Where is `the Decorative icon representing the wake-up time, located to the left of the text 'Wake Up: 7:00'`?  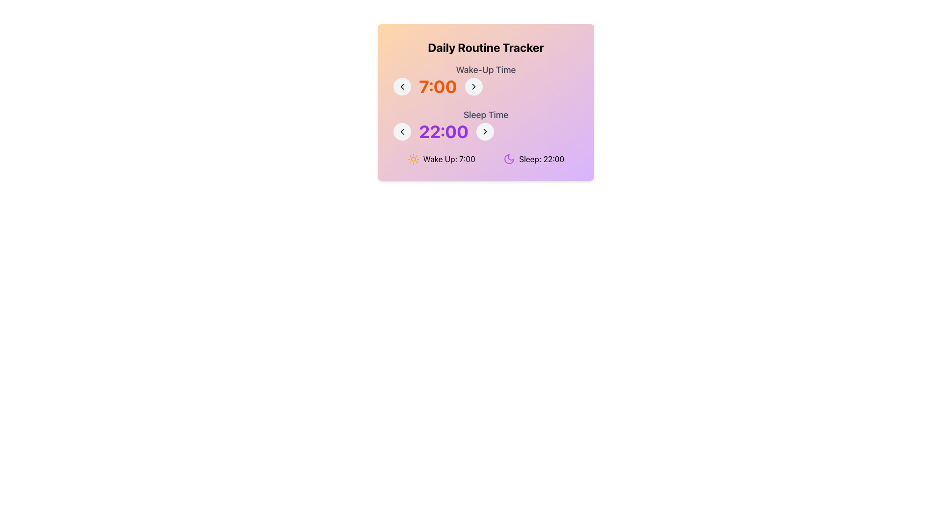 the Decorative icon representing the wake-up time, located to the left of the text 'Wake Up: 7:00' is located at coordinates (413, 158).